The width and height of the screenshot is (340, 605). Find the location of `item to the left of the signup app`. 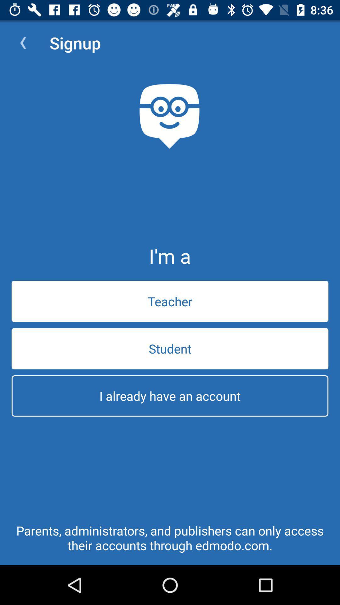

item to the left of the signup app is located at coordinates (23, 43).